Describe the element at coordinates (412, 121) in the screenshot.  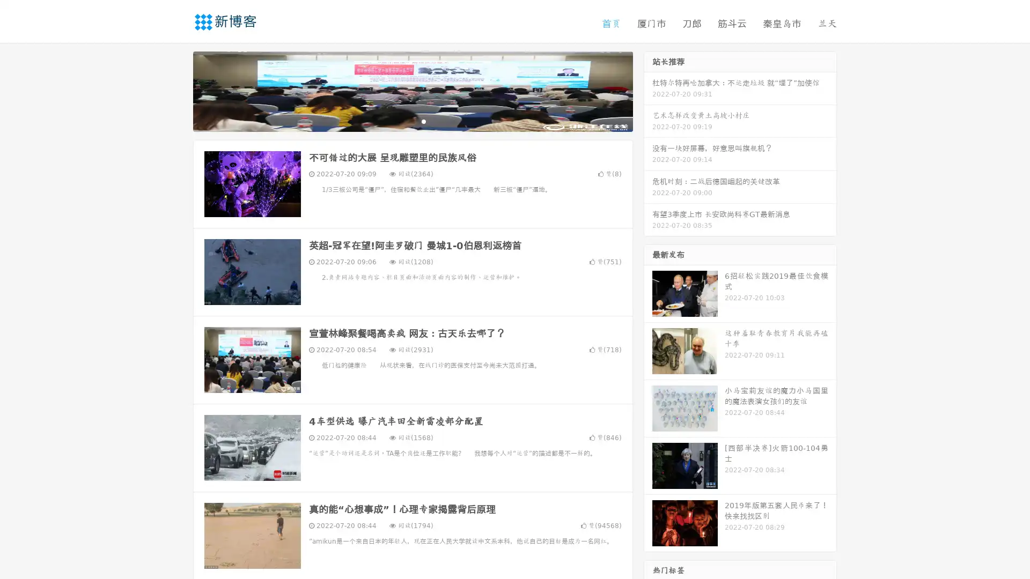
I see `Go to slide 2` at that location.